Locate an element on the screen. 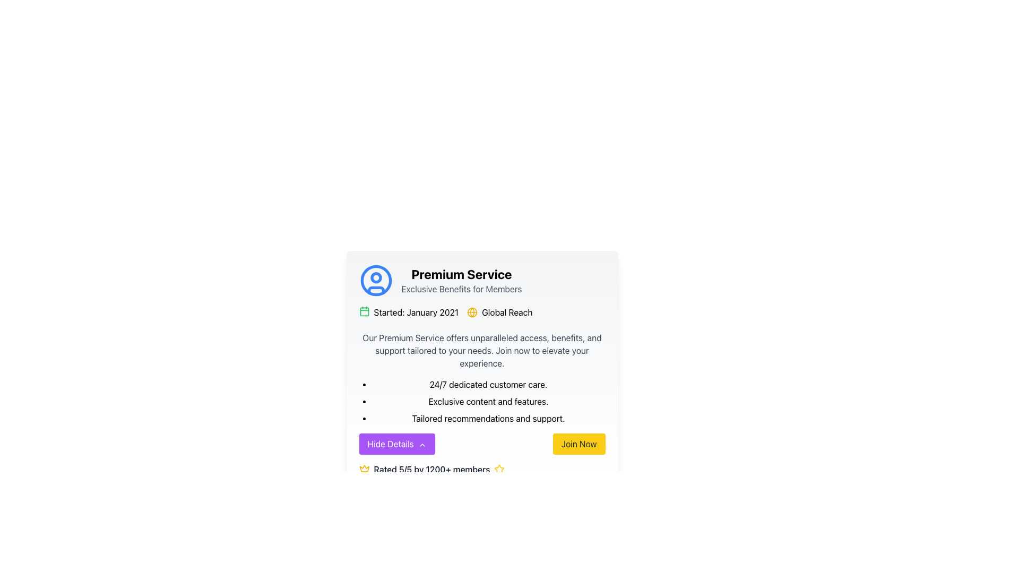  the decorative circle within the user icon located at the top left corner of the 'Premium Service' section is located at coordinates (376, 277).